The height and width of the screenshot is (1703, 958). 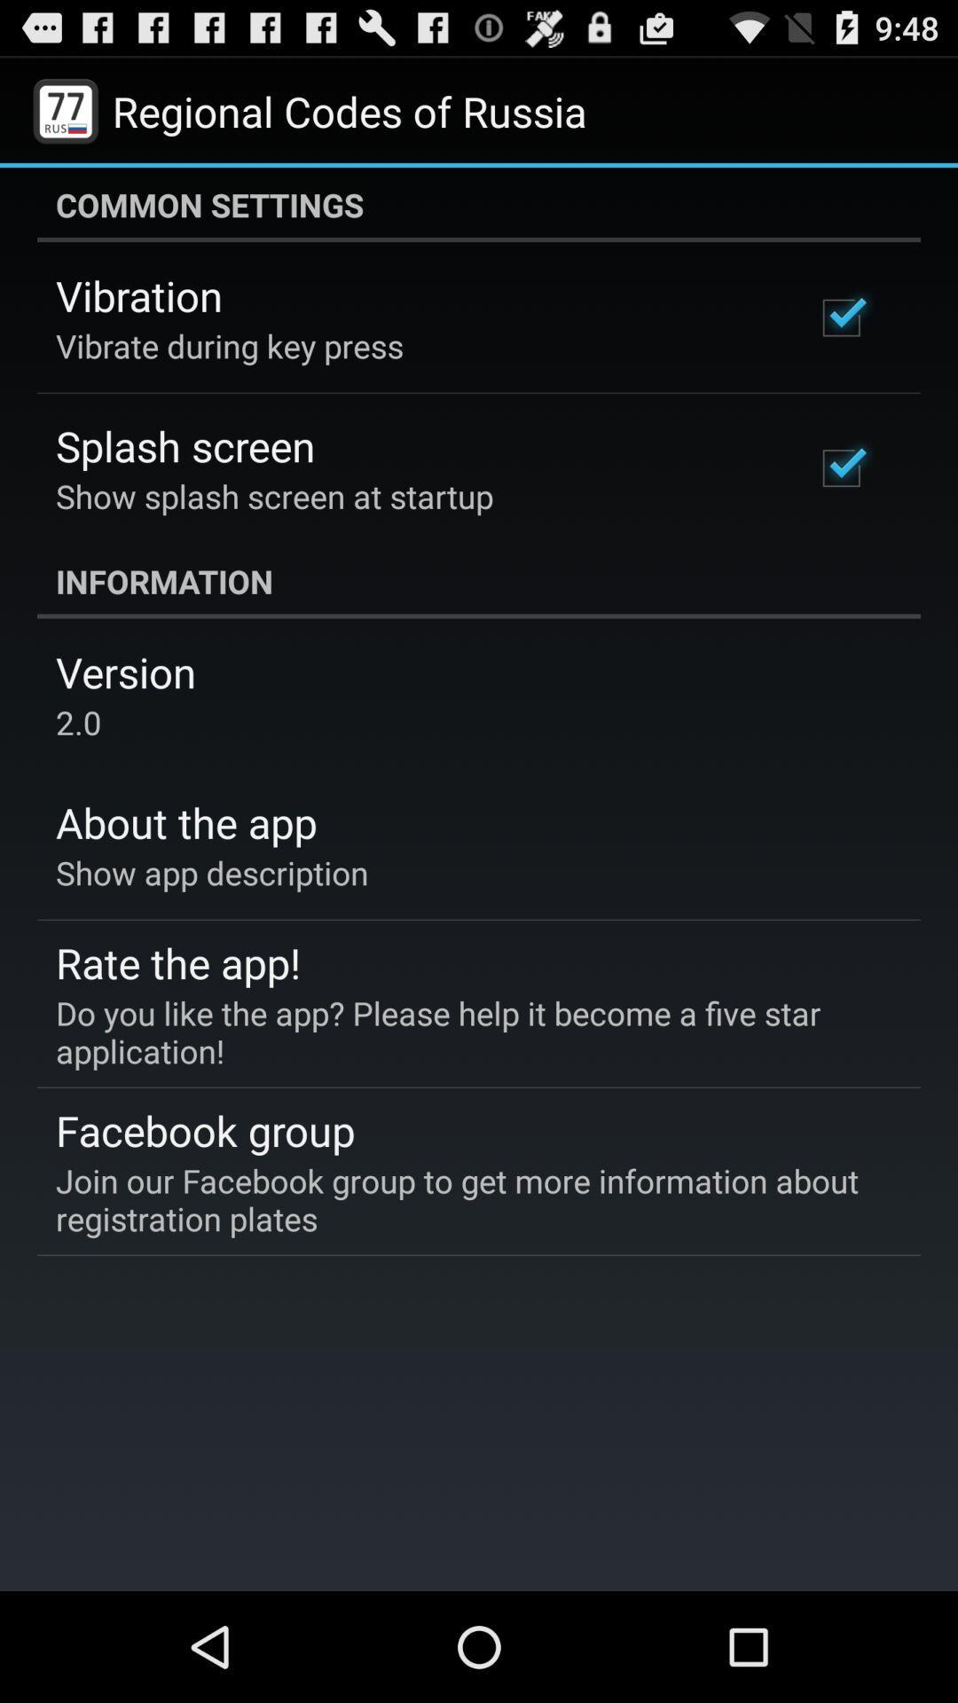 What do you see at coordinates (229, 345) in the screenshot?
I see `the item above splash screen icon` at bounding box center [229, 345].